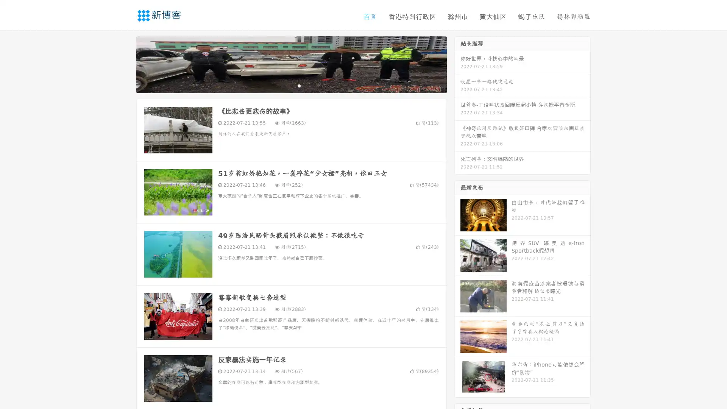 This screenshot has width=727, height=409. What do you see at coordinates (457, 64) in the screenshot?
I see `Next slide` at bounding box center [457, 64].